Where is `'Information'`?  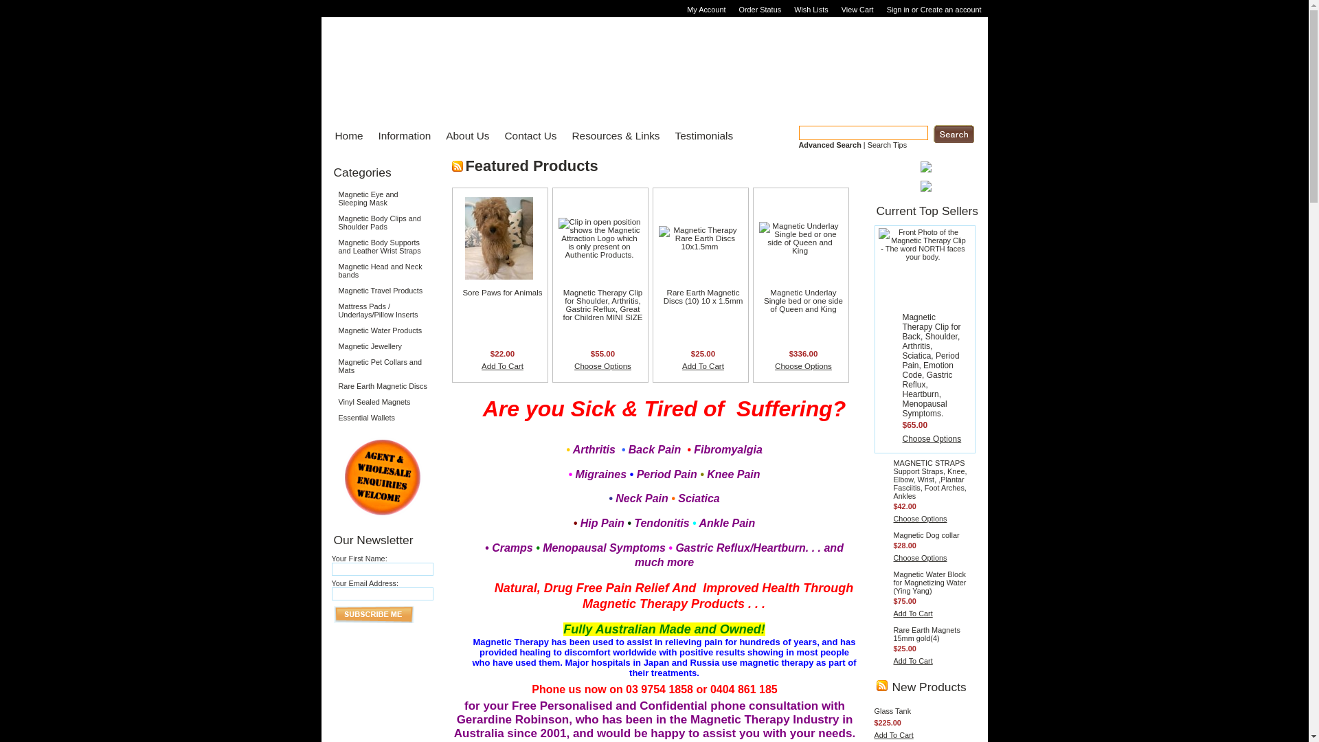
'Information' is located at coordinates (399, 135).